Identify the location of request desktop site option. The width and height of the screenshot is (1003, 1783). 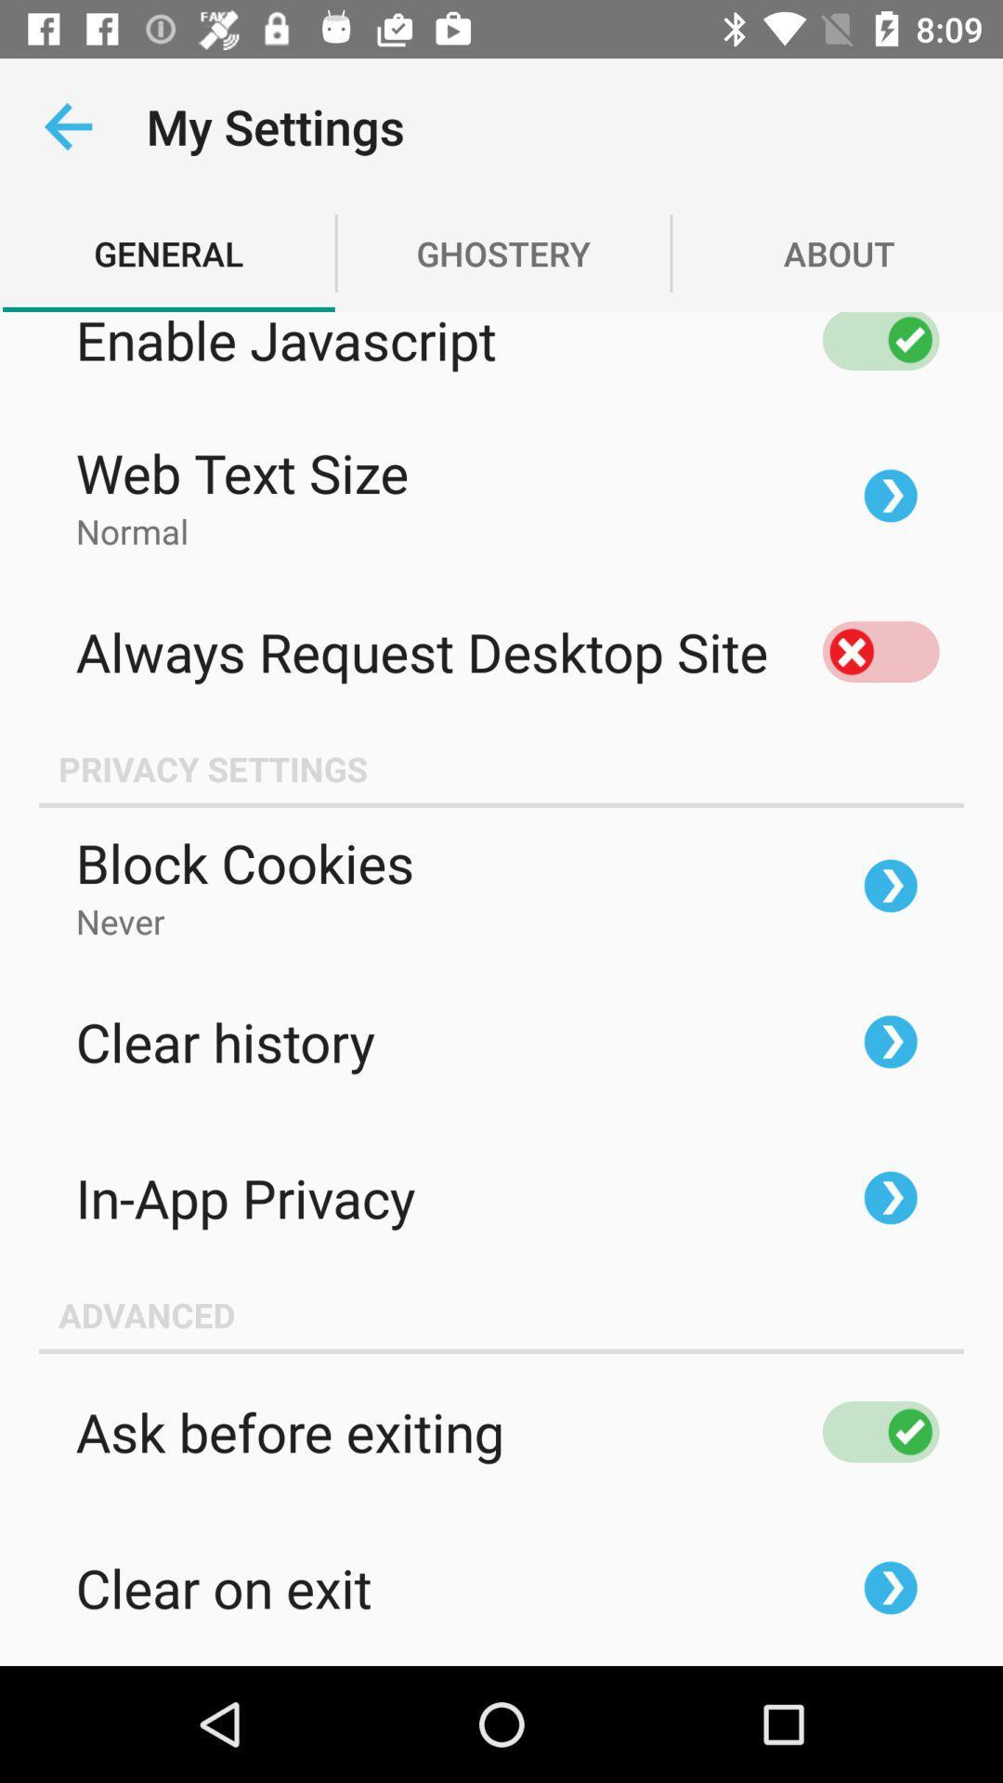
(879, 651).